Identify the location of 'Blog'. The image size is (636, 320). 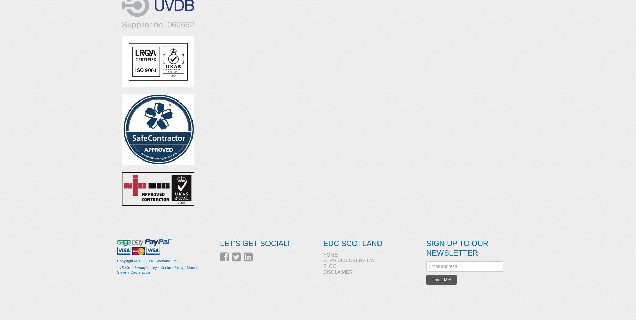
(329, 265).